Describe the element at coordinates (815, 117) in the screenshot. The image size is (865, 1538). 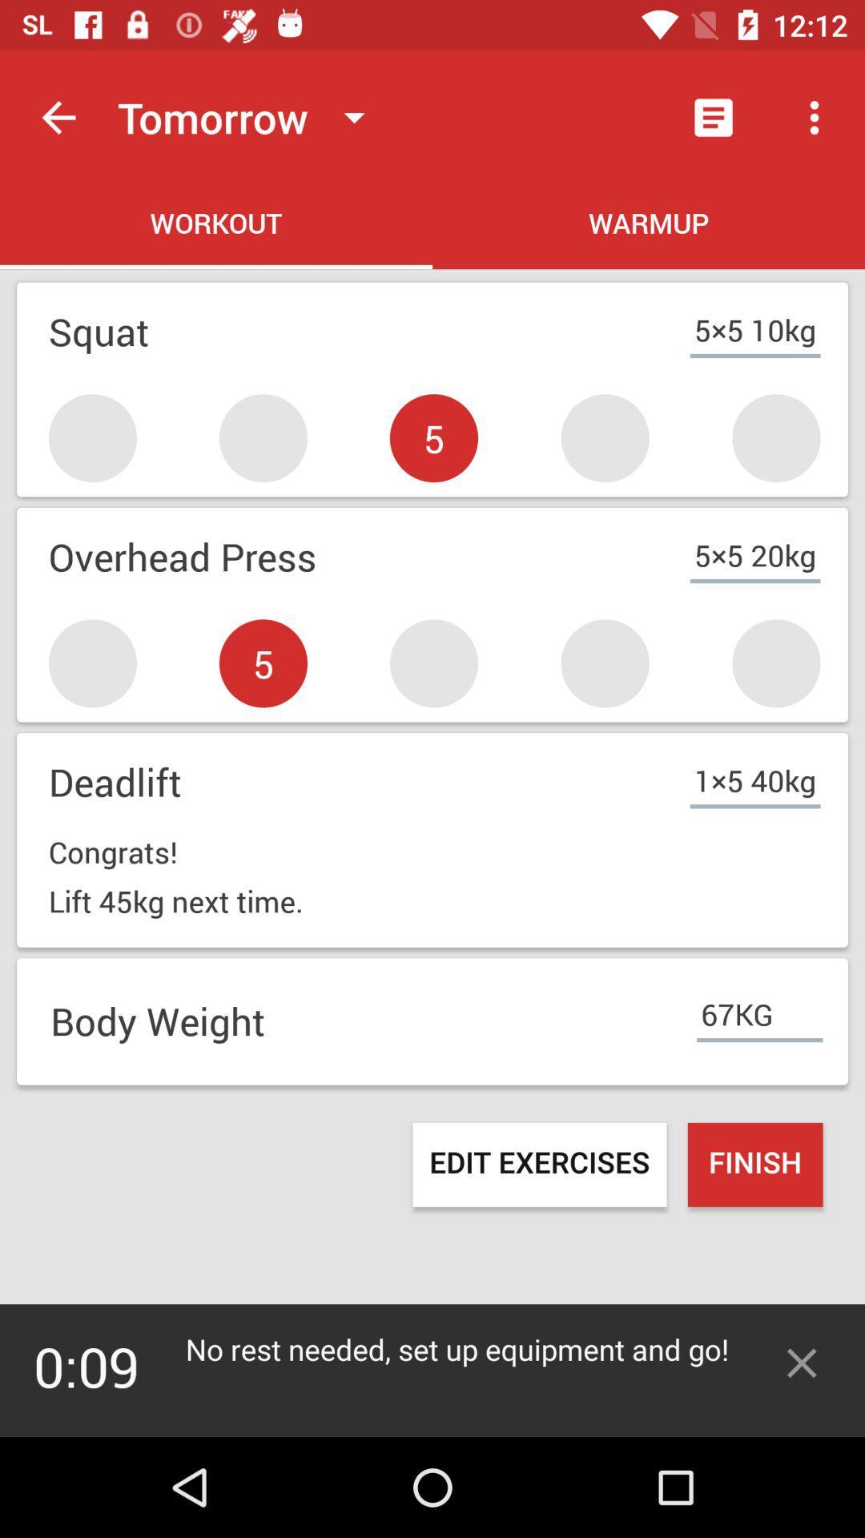
I see `the second icon which is at the top right of the page` at that location.